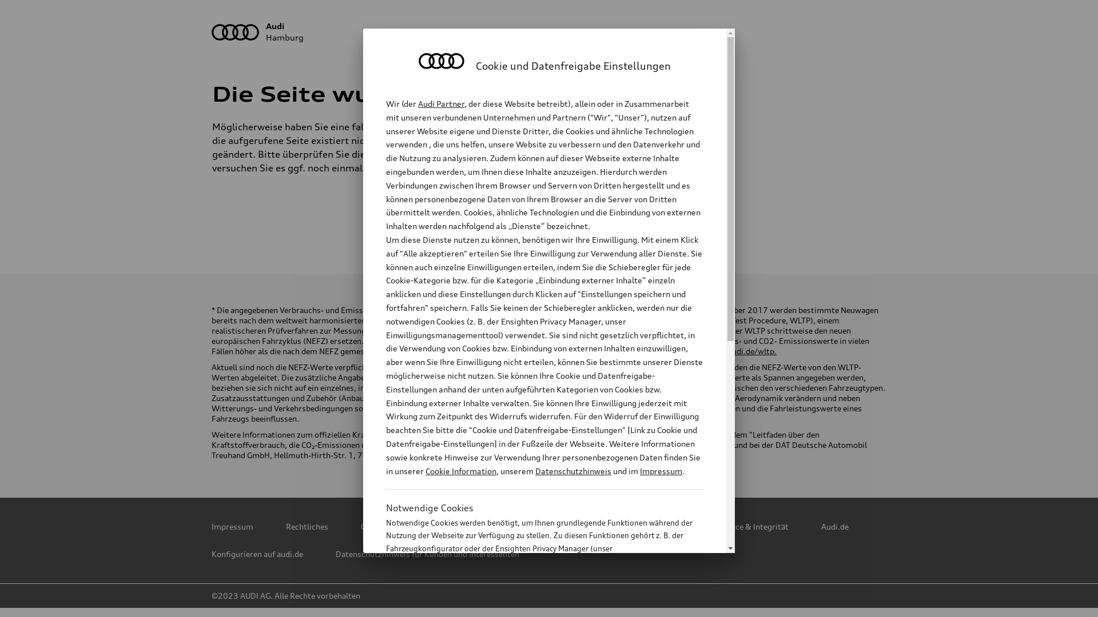 The image size is (1098, 617). I want to click on 'Konfigurieren auf audi.de', so click(257, 553).